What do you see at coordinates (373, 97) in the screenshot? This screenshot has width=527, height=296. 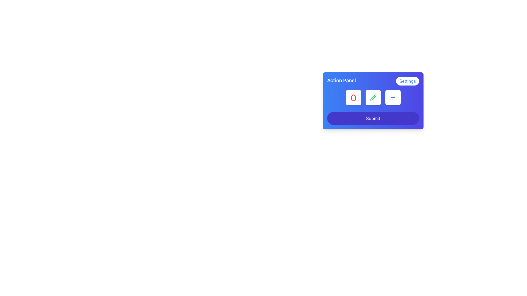 I see `the edit button with a green pencil icon located in the middle column of the Action Panel` at bounding box center [373, 97].